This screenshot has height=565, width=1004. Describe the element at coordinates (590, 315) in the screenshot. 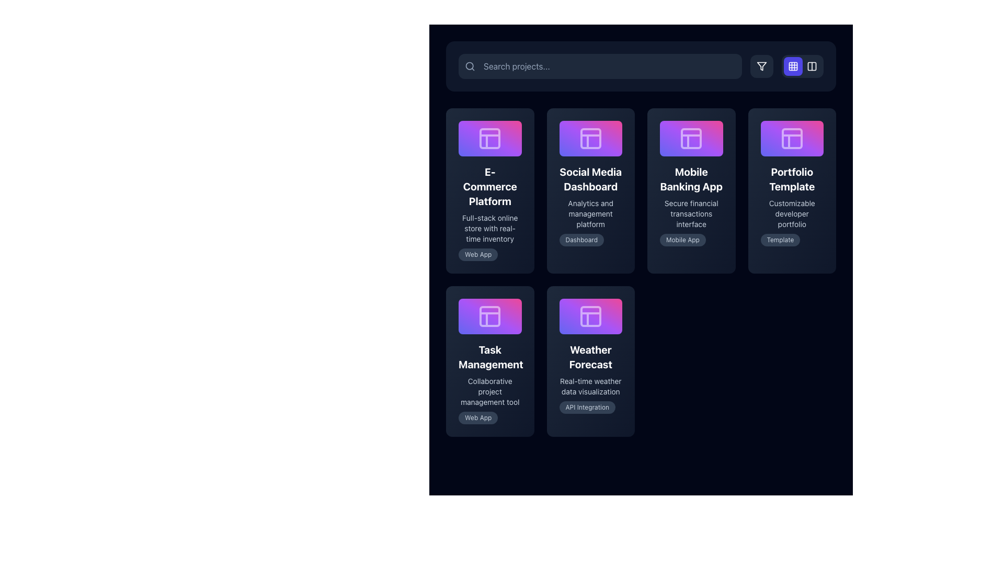

I see `the rectangular gradient icon with a white grid design in the 'Weather Forecast' panel, located in the bottom row, second column` at that location.